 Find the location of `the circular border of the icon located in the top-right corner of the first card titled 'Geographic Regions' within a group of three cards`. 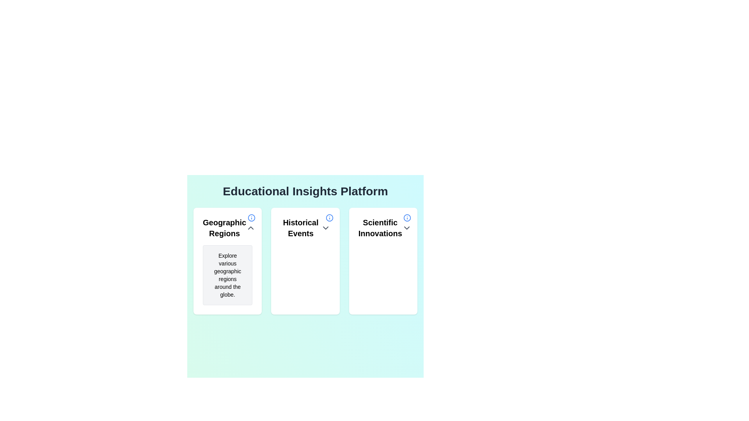

the circular border of the icon located in the top-right corner of the first card titled 'Geographic Regions' within a group of three cards is located at coordinates (252, 218).